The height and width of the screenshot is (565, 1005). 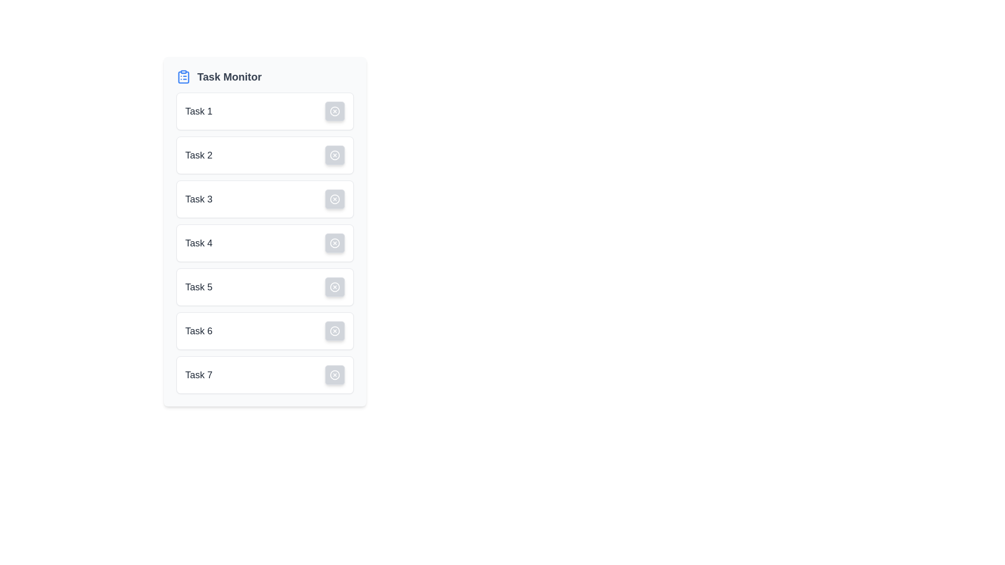 What do you see at coordinates (183, 76) in the screenshot?
I see `the clipboard icon that is part of the Task Monitor heading, located at the top-left corner of the interface` at bounding box center [183, 76].